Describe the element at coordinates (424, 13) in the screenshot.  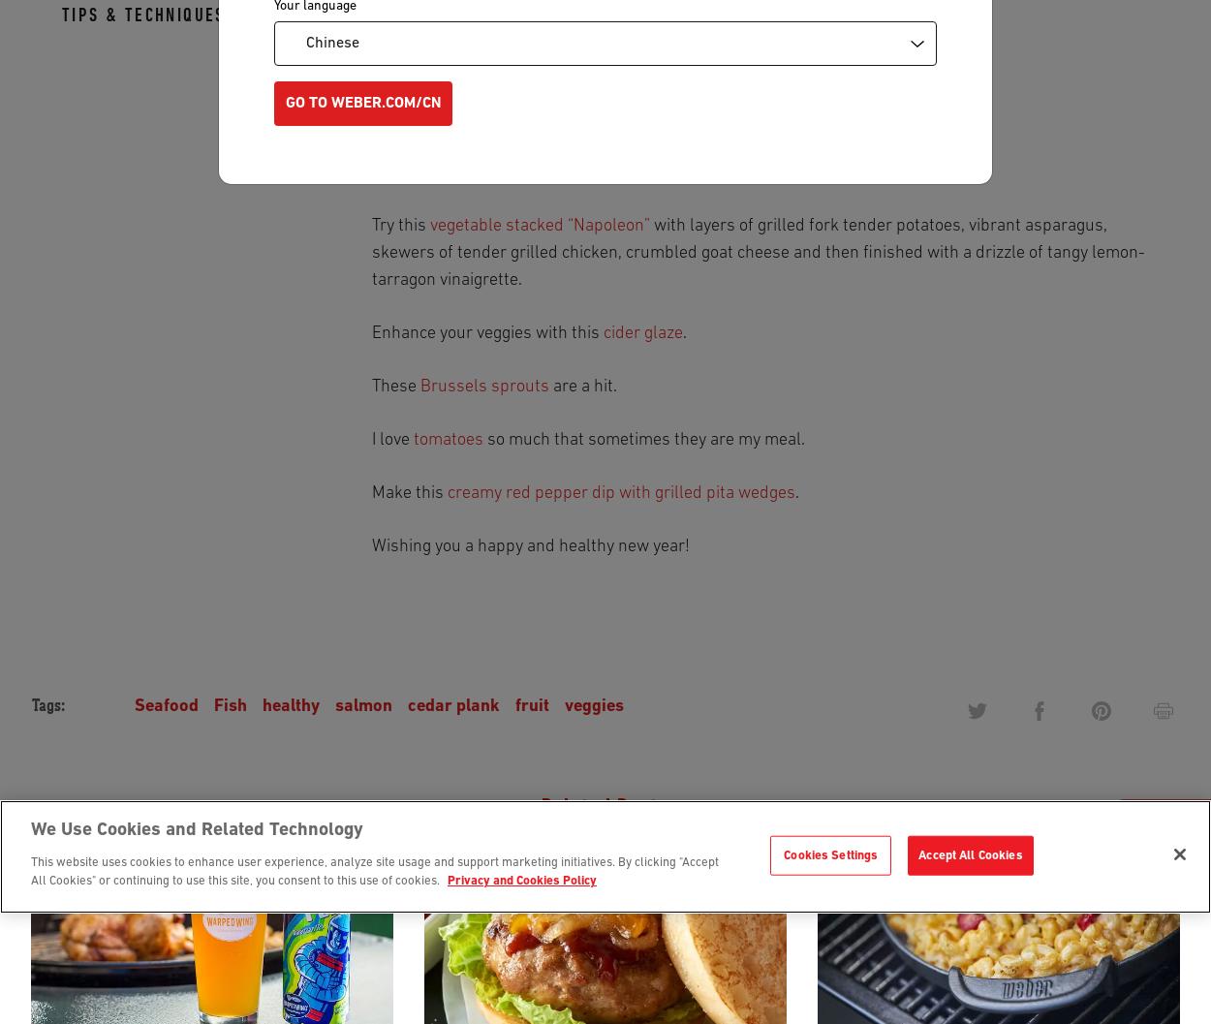
I see `'Or any type of'` at that location.